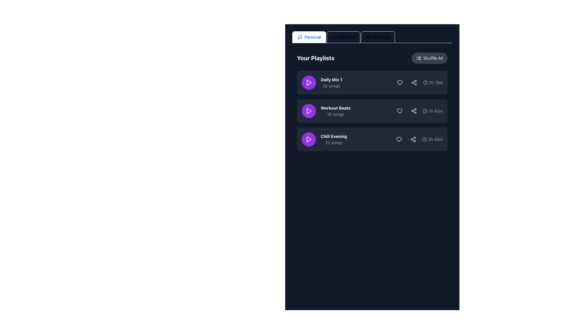 Image resolution: width=568 pixels, height=319 pixels. What do you see at coordinates (400, 111) in the screenshot?
I see `the 'like' icon adjacent to the duration text '1h 45m' for the playlist item labeled 'Workout Beats' to like or unlike the playlist` at bounding box center [400, 111].